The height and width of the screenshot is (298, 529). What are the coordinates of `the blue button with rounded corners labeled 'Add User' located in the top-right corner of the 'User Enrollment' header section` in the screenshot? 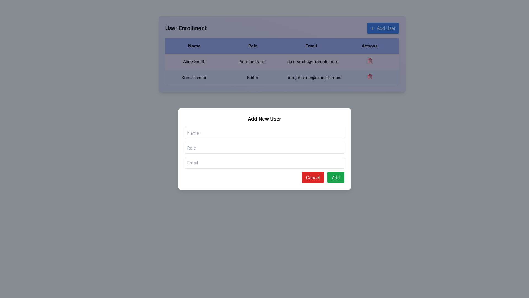 It's located at (382, 28).